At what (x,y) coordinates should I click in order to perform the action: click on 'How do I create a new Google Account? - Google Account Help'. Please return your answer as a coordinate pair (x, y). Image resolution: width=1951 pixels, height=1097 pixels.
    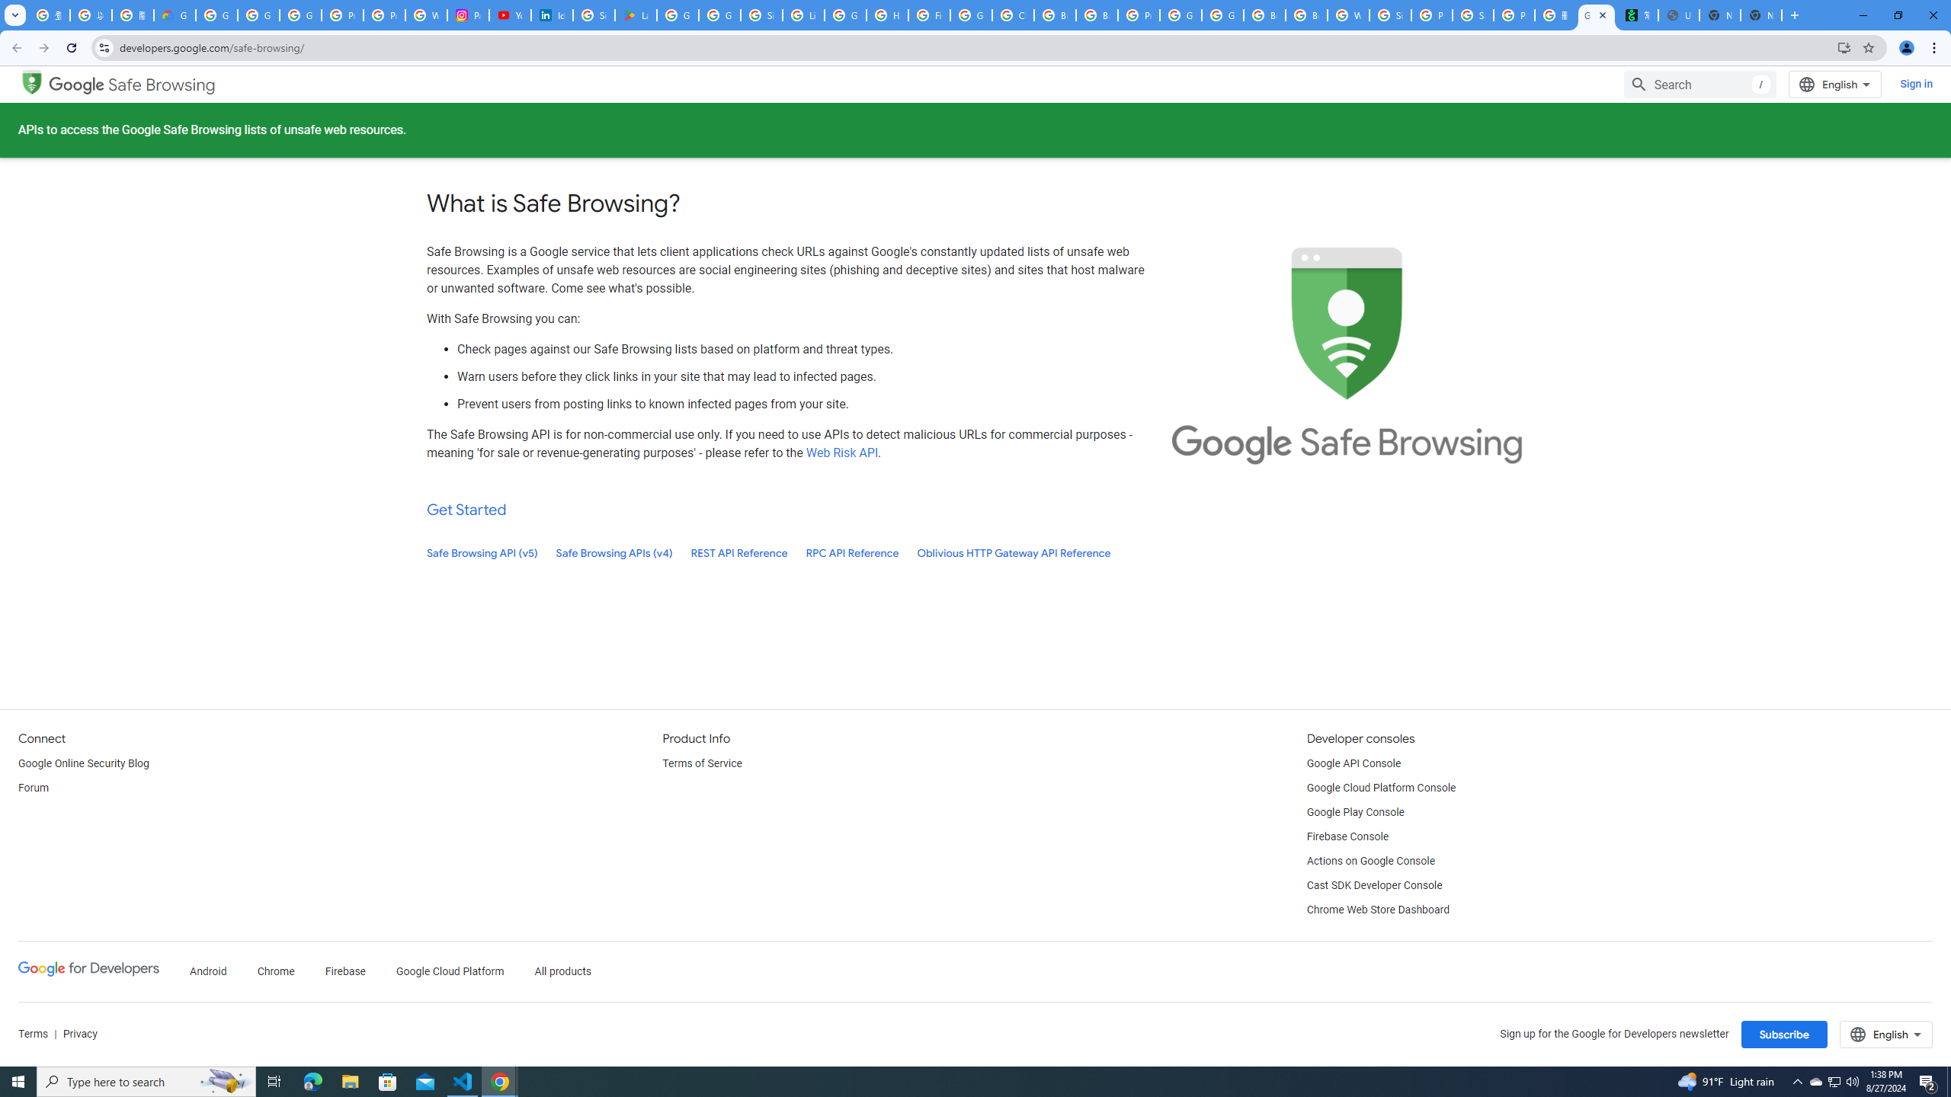
    Looking at the image, I should click on (886, 14).